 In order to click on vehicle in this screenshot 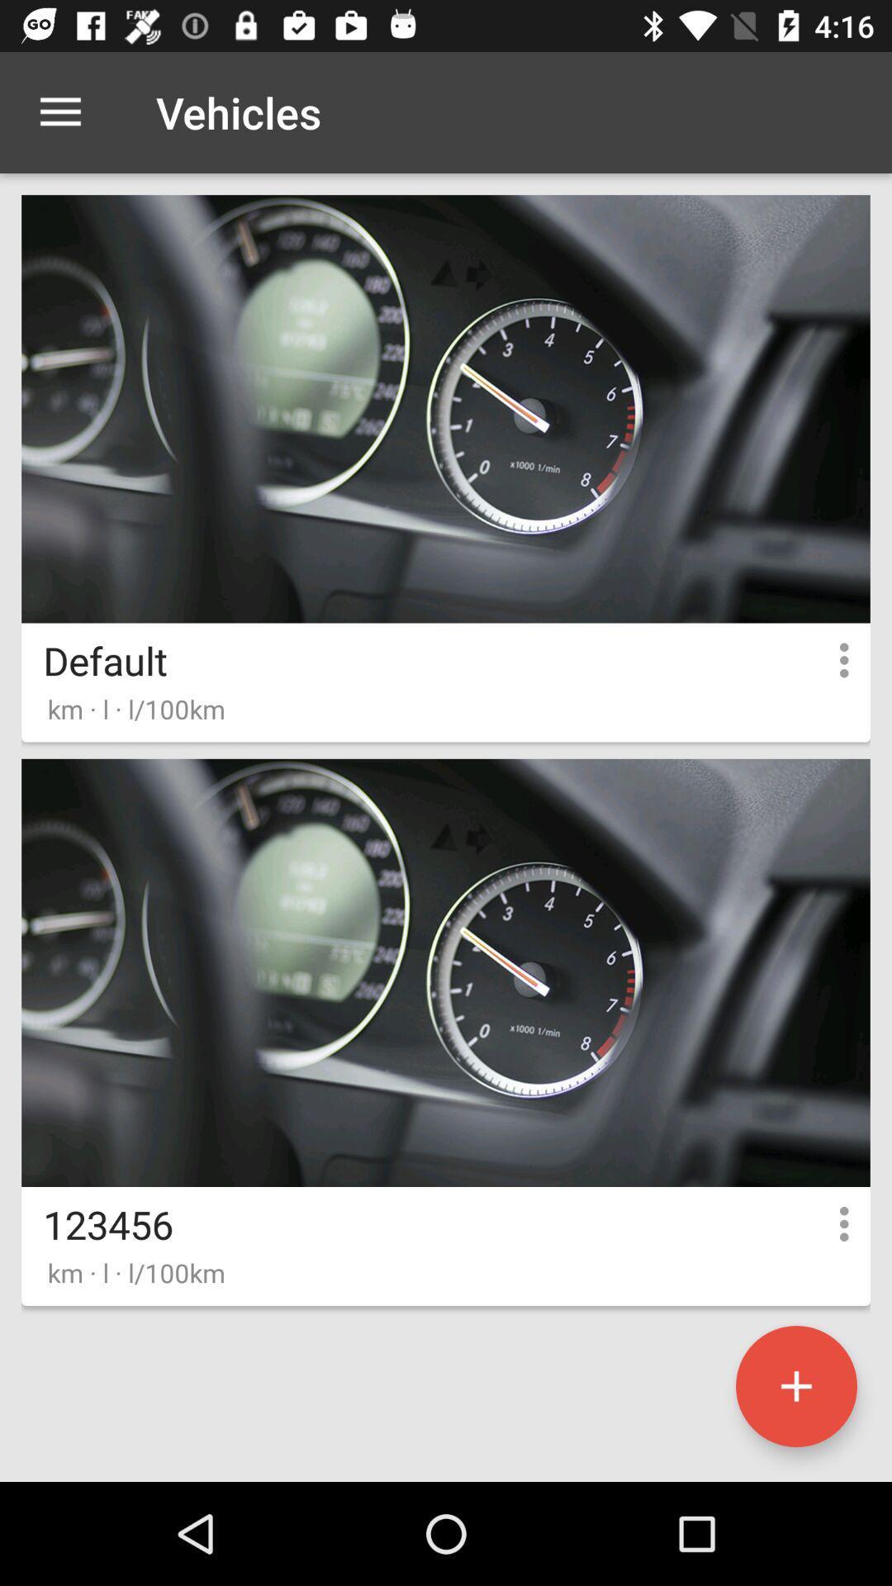, I will do `click(795, 1386)`.